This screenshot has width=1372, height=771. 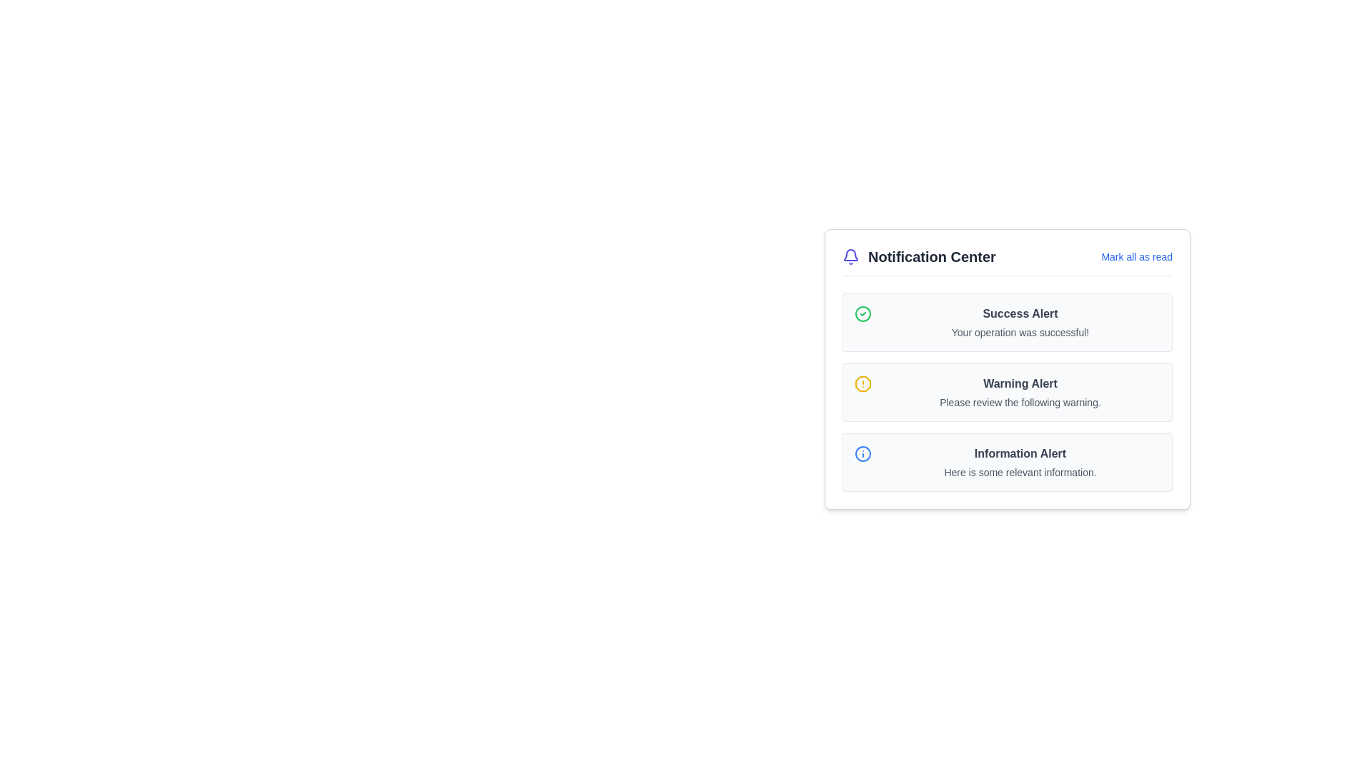 I want to click on the success message text label located in the notification center, which is positioned directly to the right of a green checkmark icon and above the text 'Your operation was successful!', so click(x=1020, y=313).